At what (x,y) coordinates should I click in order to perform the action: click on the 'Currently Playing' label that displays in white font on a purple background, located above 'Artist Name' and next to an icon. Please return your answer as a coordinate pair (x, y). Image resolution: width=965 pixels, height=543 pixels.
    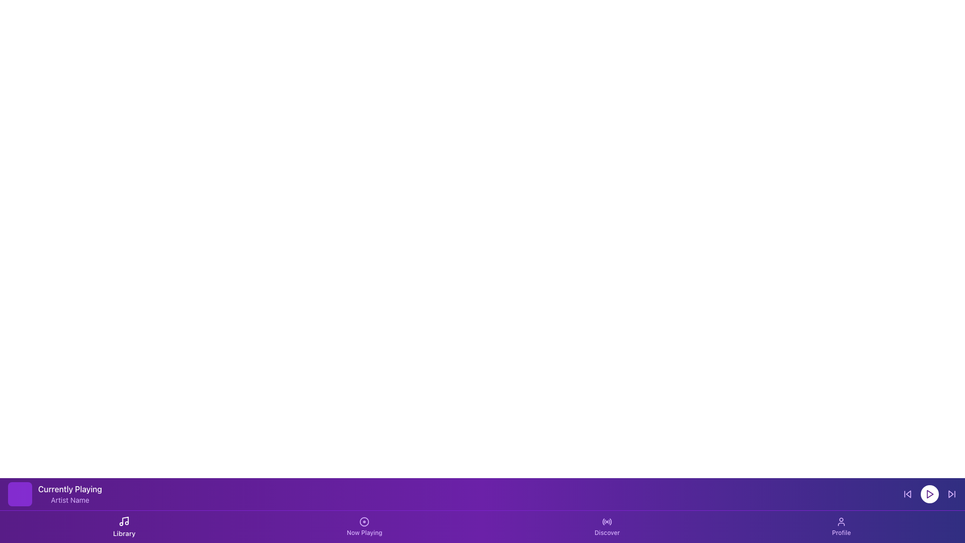
    Looking at the image, I should click on (69, 488).